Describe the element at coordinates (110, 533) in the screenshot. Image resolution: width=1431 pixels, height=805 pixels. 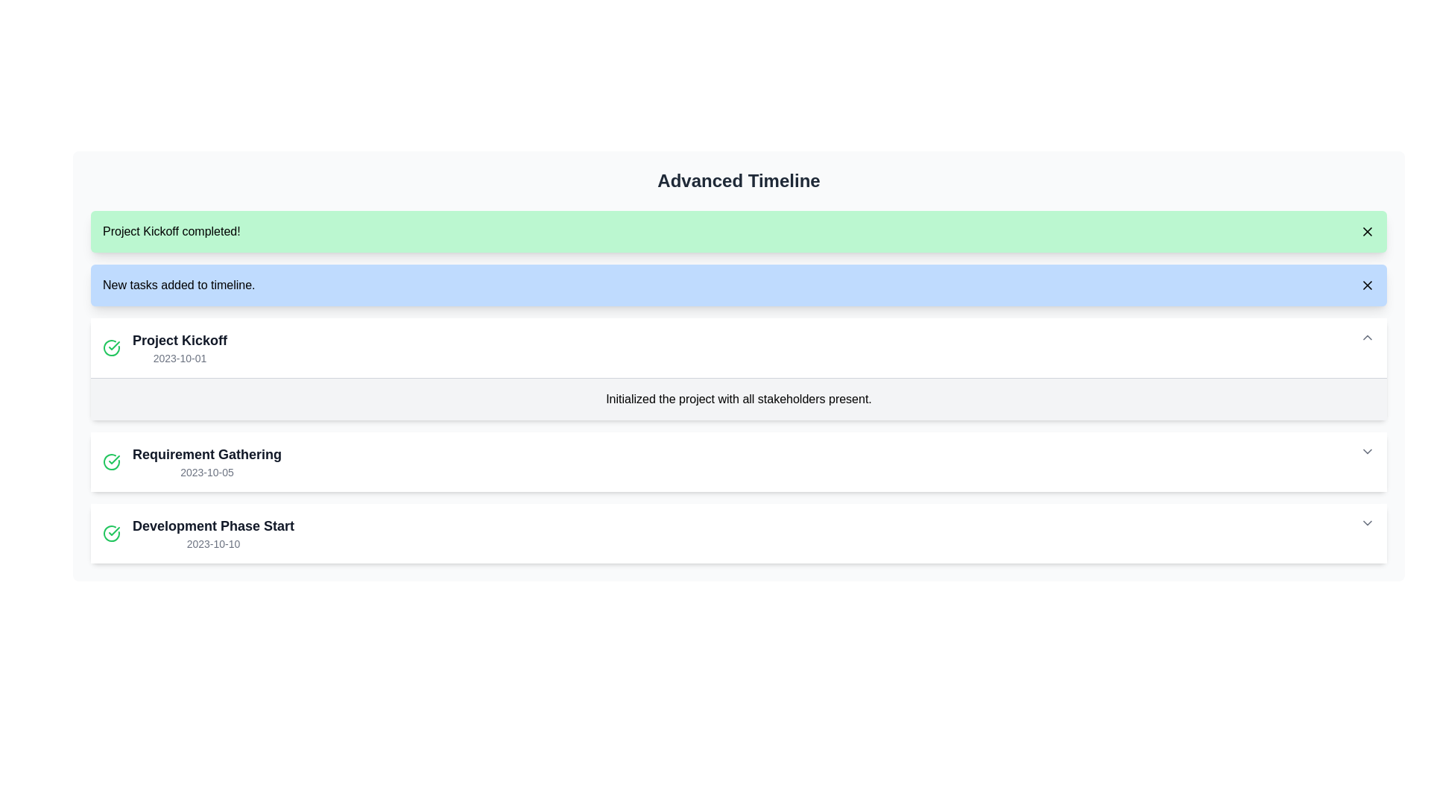
I see `the 'Development Phase Start' milestone icon in the timeline entry, which is visually represented and located to the left of the labeled texts` at that location.